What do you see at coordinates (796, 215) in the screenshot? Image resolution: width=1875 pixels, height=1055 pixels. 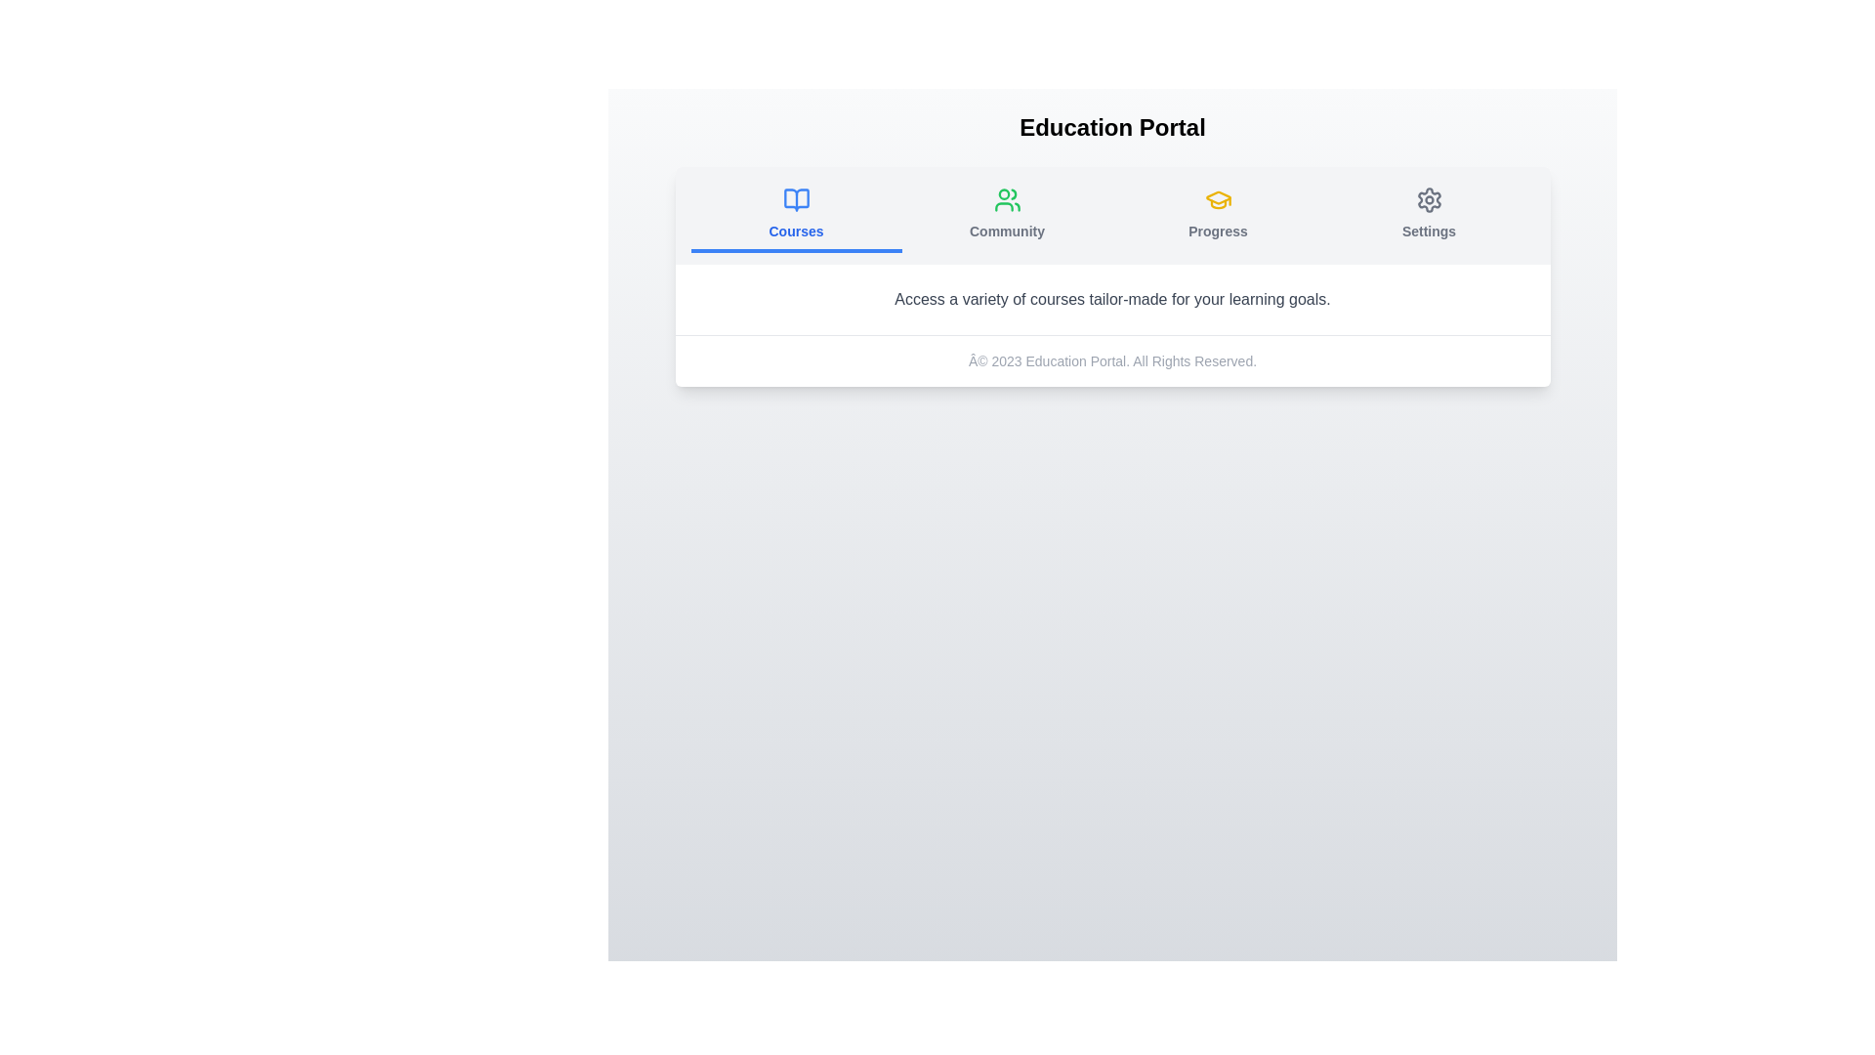 I see `the first button in the navigation bar labeled 'Courses'` at bounding box center [796, 215].